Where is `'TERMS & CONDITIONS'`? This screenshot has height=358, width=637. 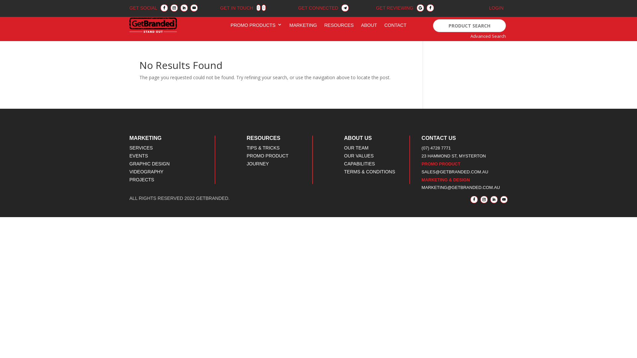 'TERMS & CONDITIONS' is located at coordinates (369, 171).